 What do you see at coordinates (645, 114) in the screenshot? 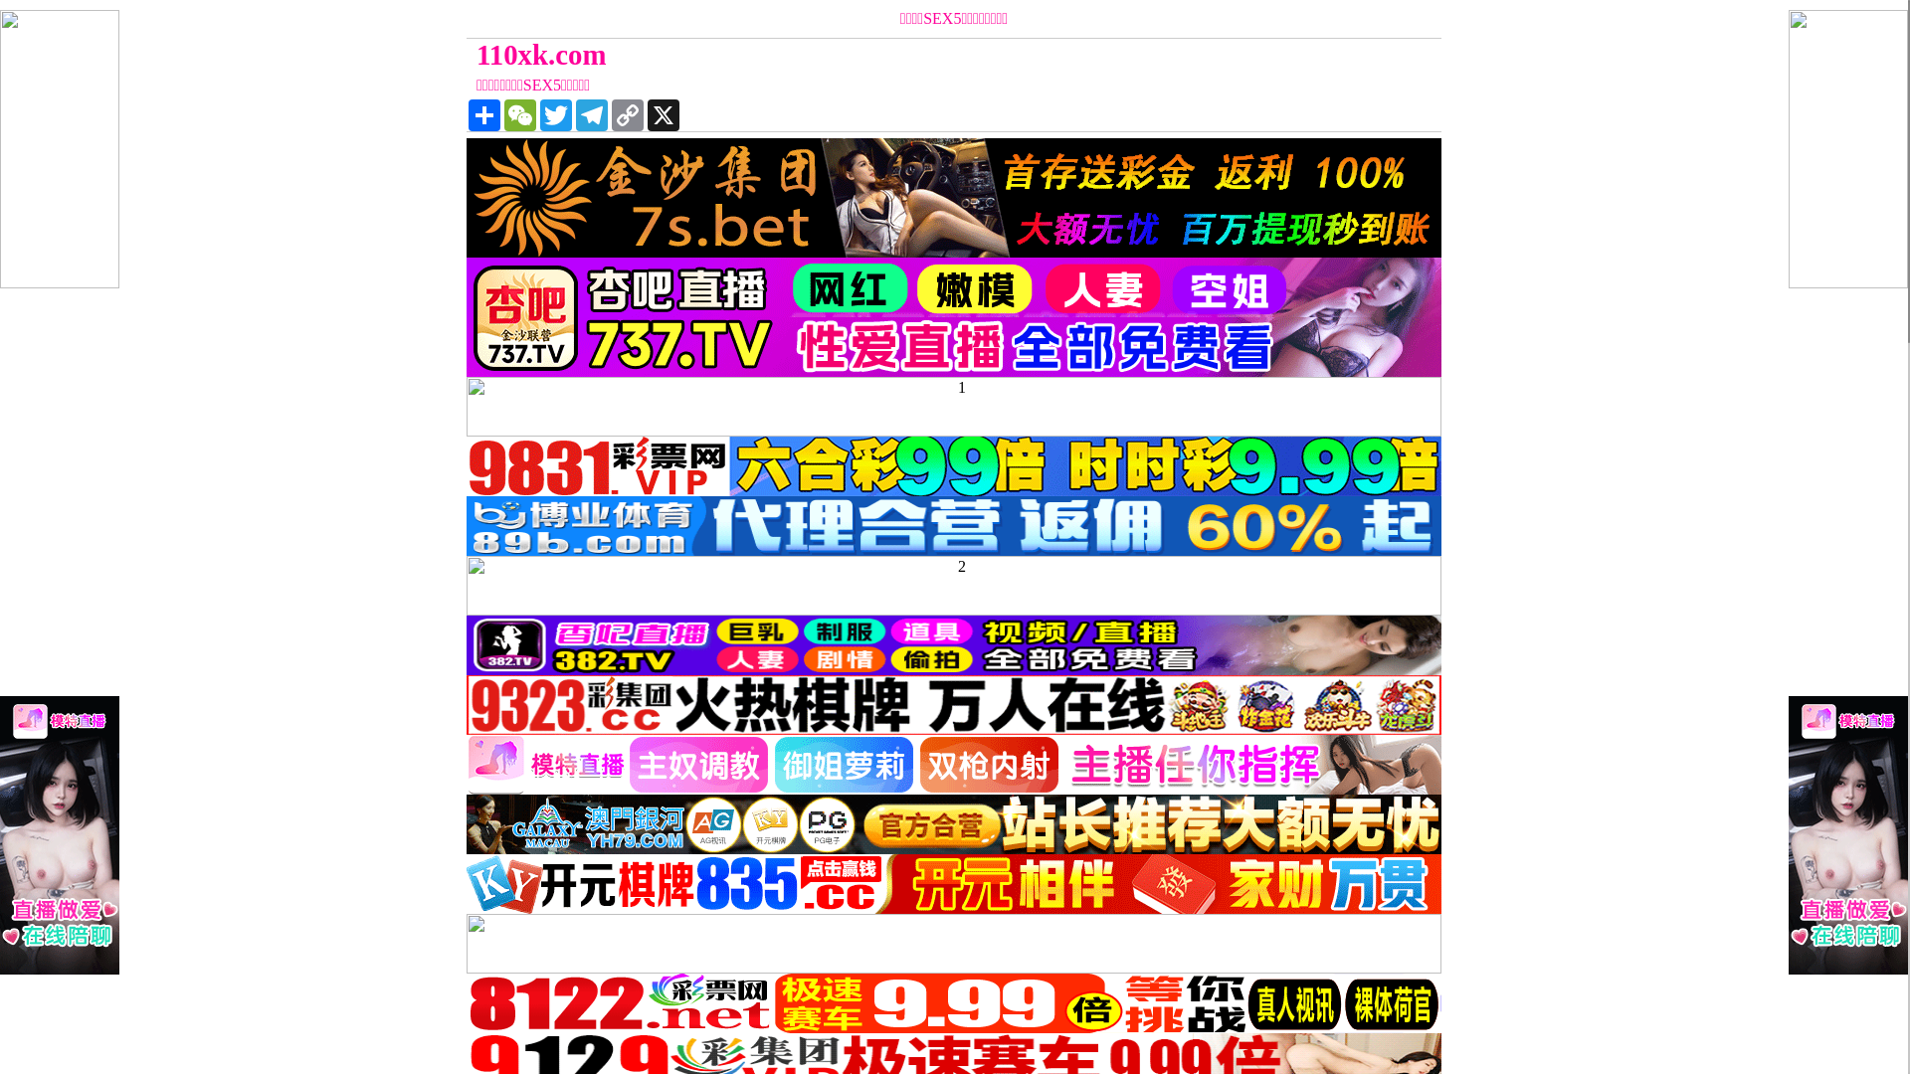
I see `'X'` at bounding box center [645, 114].